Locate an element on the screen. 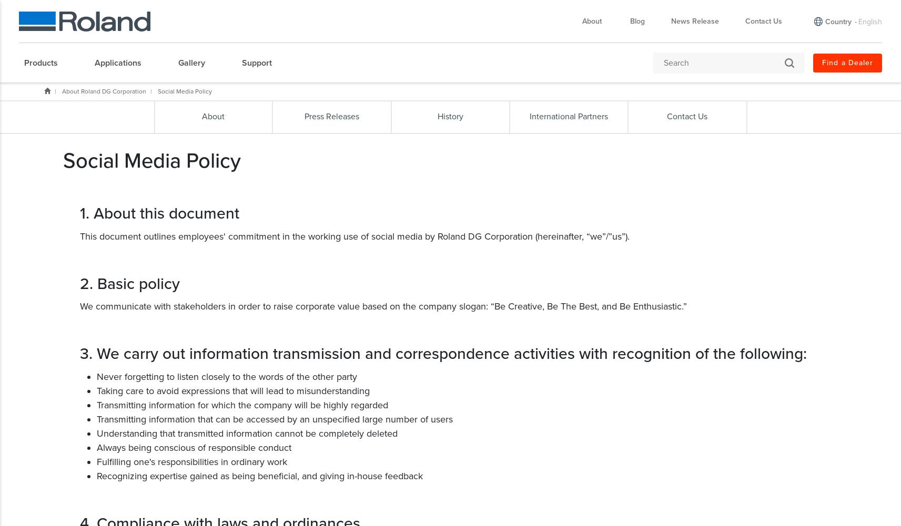  'About Roland DG Corporation' is located at coordinates (104, 91).